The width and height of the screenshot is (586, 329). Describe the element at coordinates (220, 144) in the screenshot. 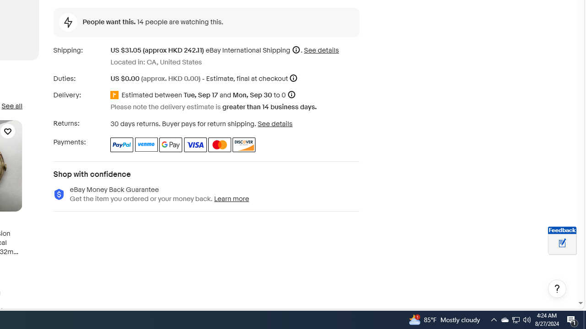

I see `'Master Card'` at that location.